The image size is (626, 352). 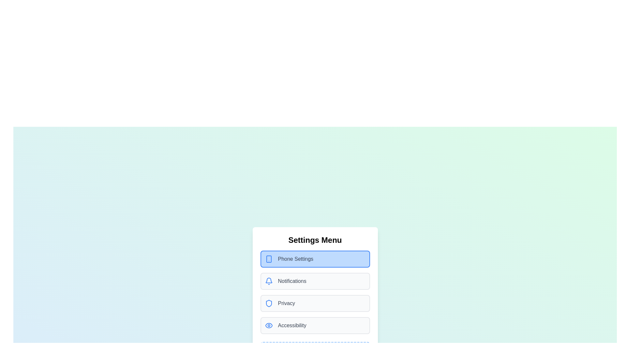 What do you see at coordinates (315, 303) in the screenshot?
I see `the menu item corresponding to Privacy` at bounding box center [315, 303].